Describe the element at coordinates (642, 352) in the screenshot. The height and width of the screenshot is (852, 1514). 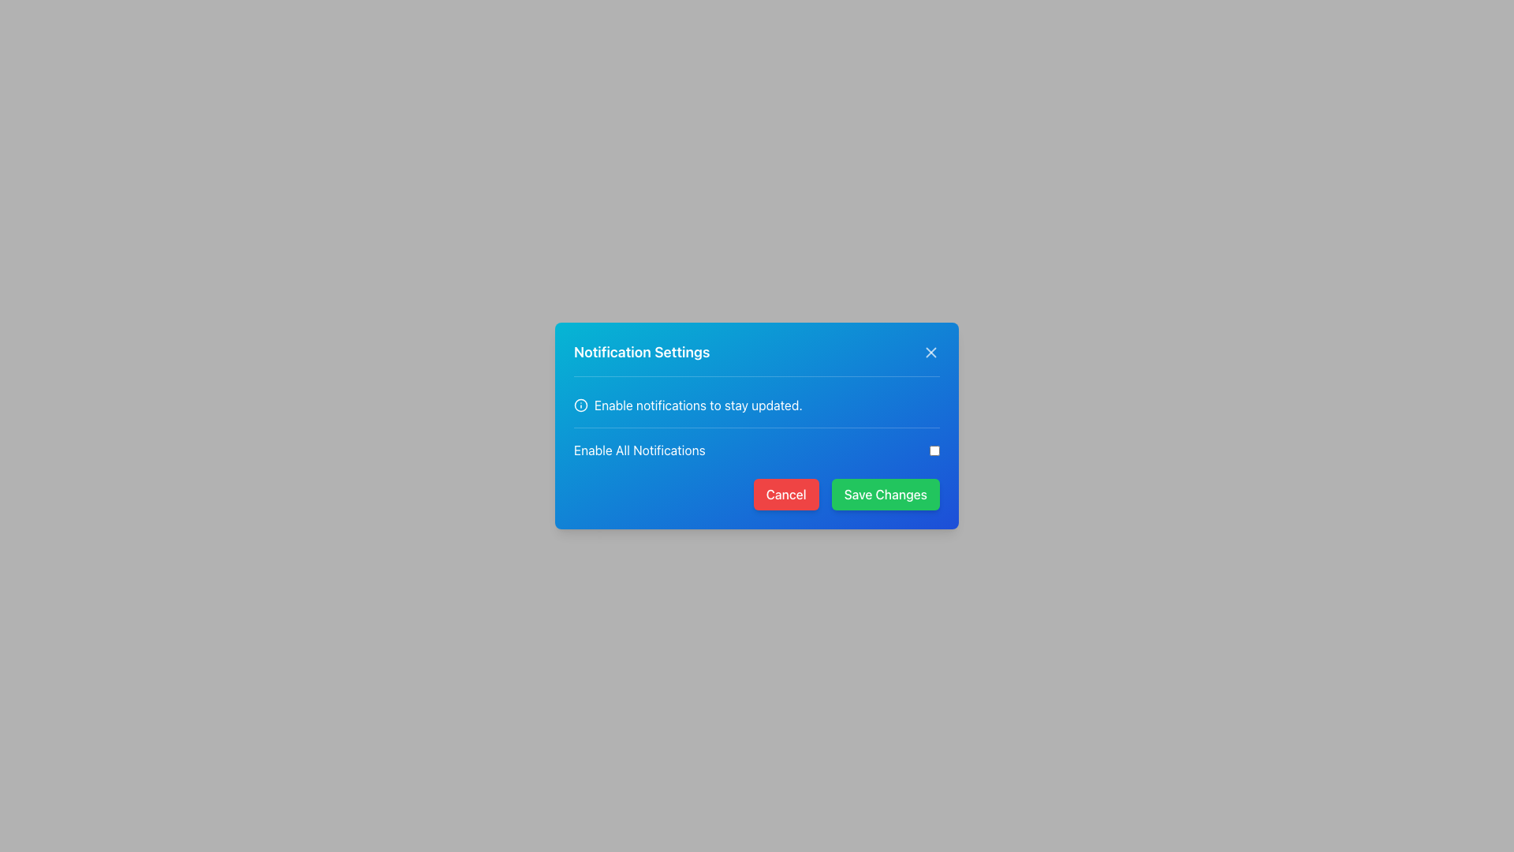
I see `the static header label located on the left side of the header section of the dialog, which serves as a title for the contents below` at that location.